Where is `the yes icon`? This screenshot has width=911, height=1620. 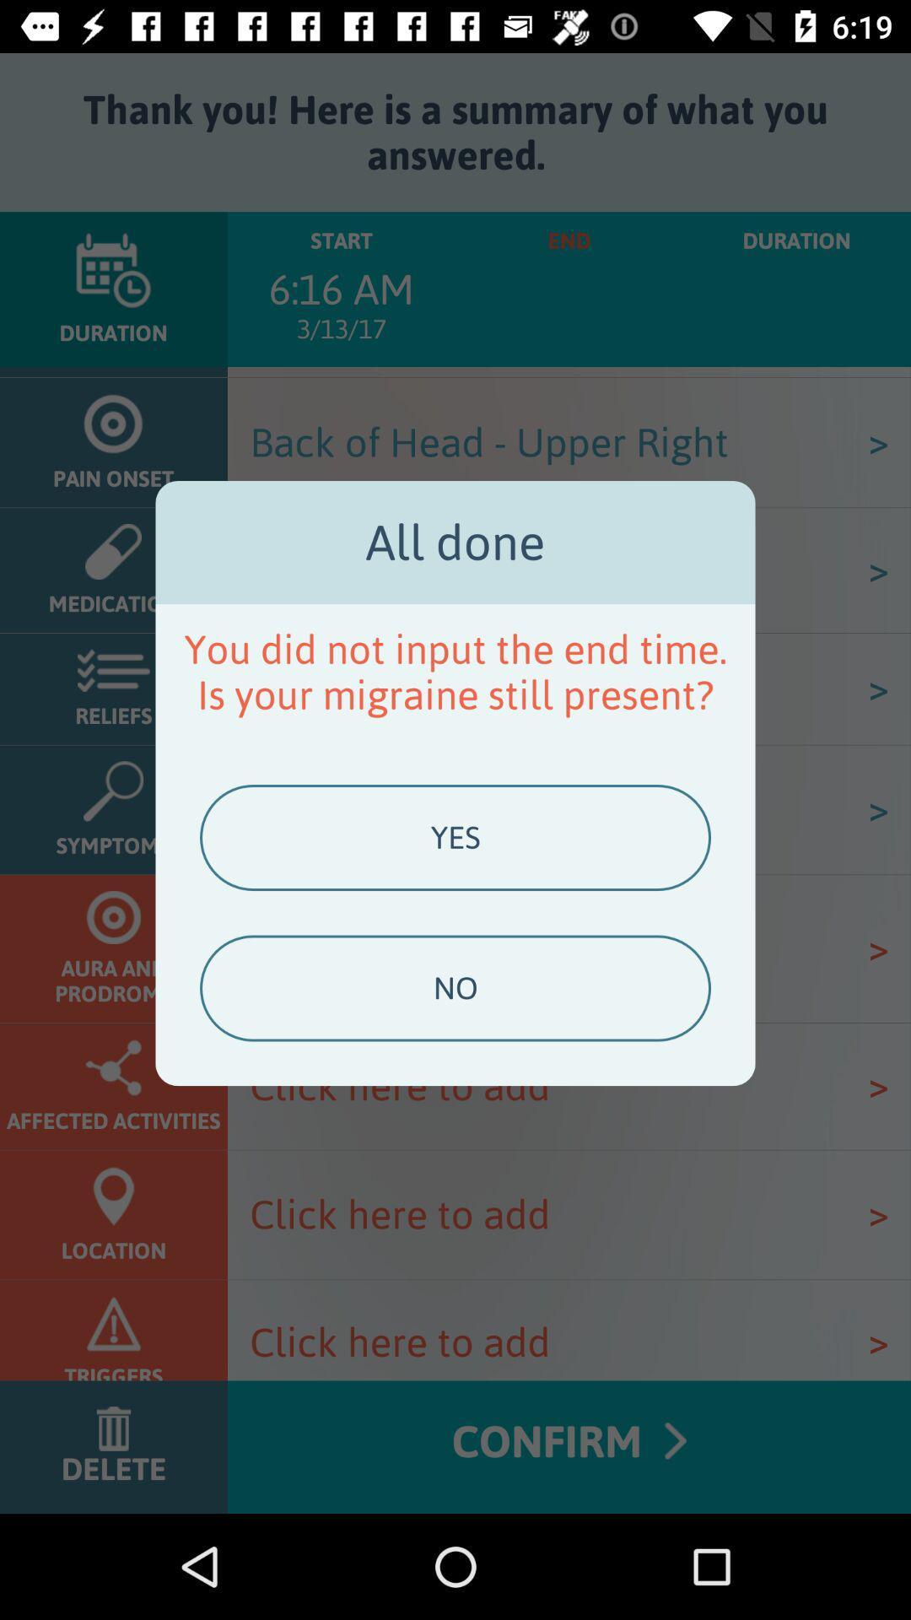
the yes icon is located at coordinates (455, 838).